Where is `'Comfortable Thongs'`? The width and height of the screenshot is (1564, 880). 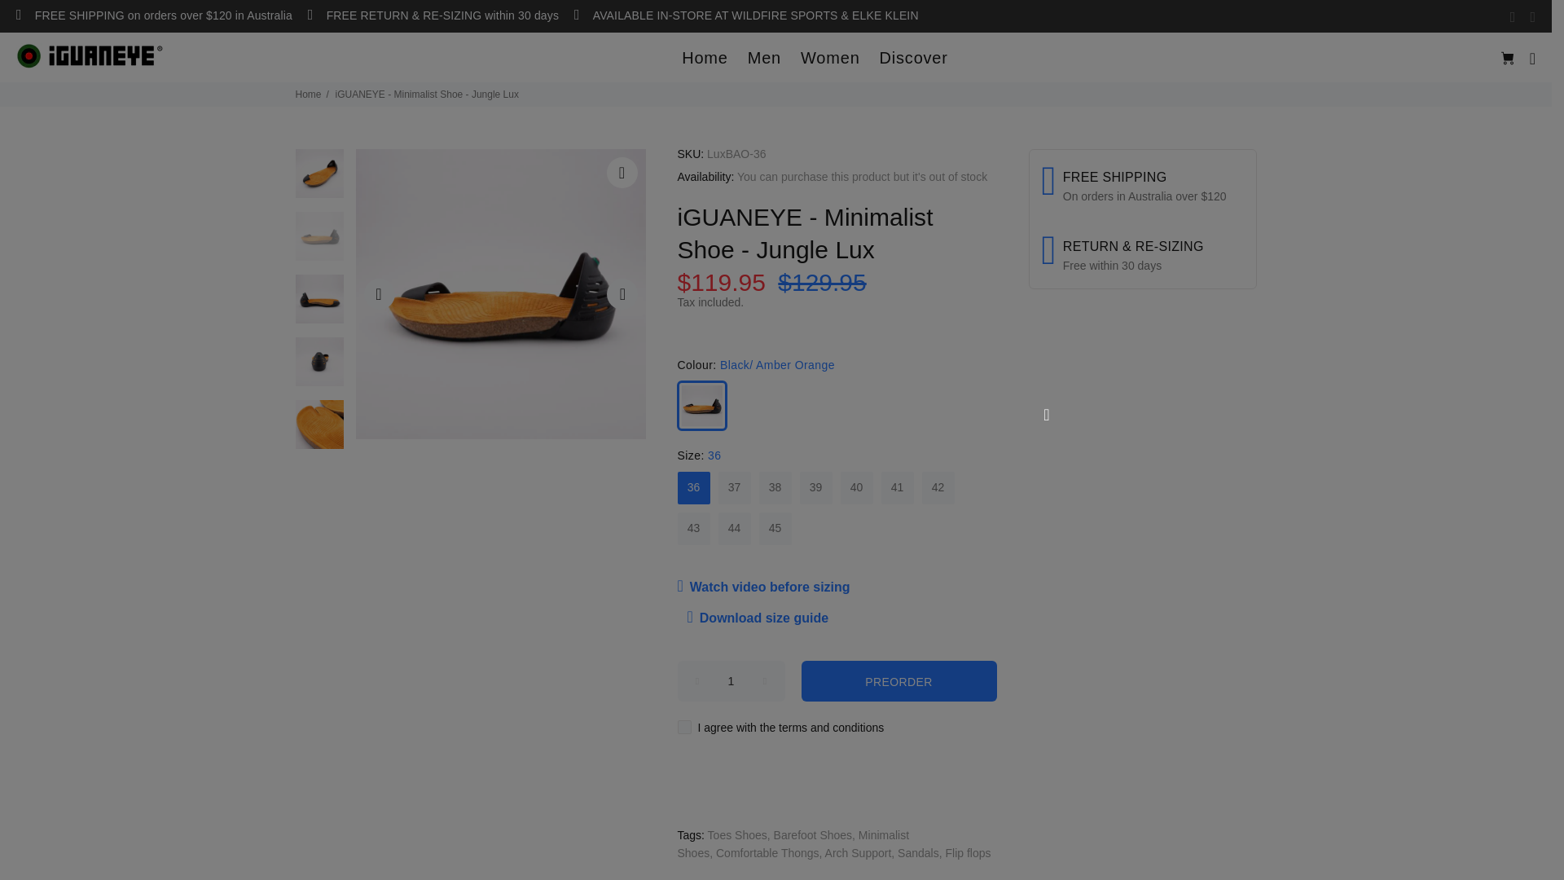
'Comfortable Thongs' is located at coordinates (767, 851).